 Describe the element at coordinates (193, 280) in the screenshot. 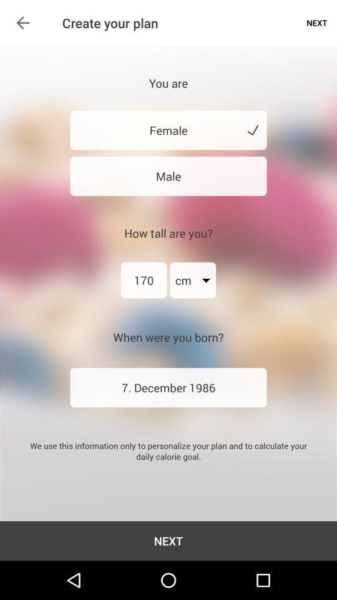

I see `cm item` at that location.